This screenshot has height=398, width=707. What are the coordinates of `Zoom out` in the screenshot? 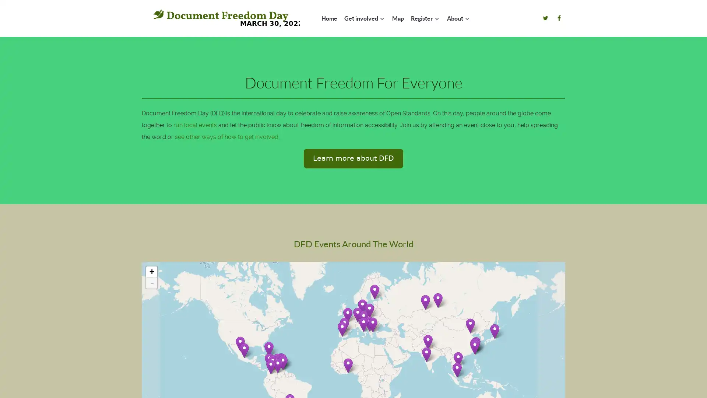 It's located at (151, 282).